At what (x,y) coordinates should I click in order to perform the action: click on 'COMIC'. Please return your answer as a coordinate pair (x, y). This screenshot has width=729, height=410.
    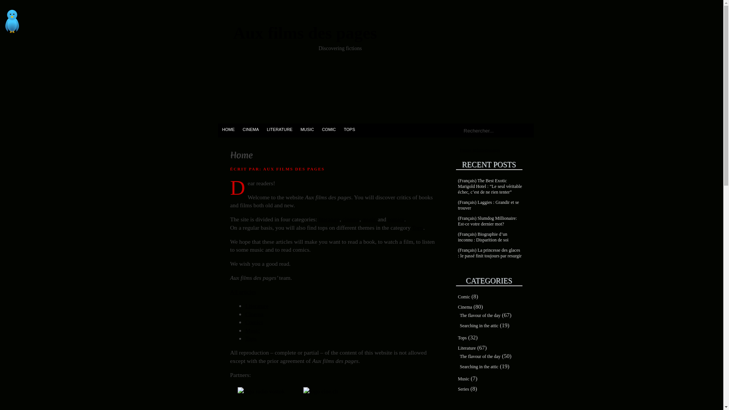
    Looking at the image, I should click on (328, 128).